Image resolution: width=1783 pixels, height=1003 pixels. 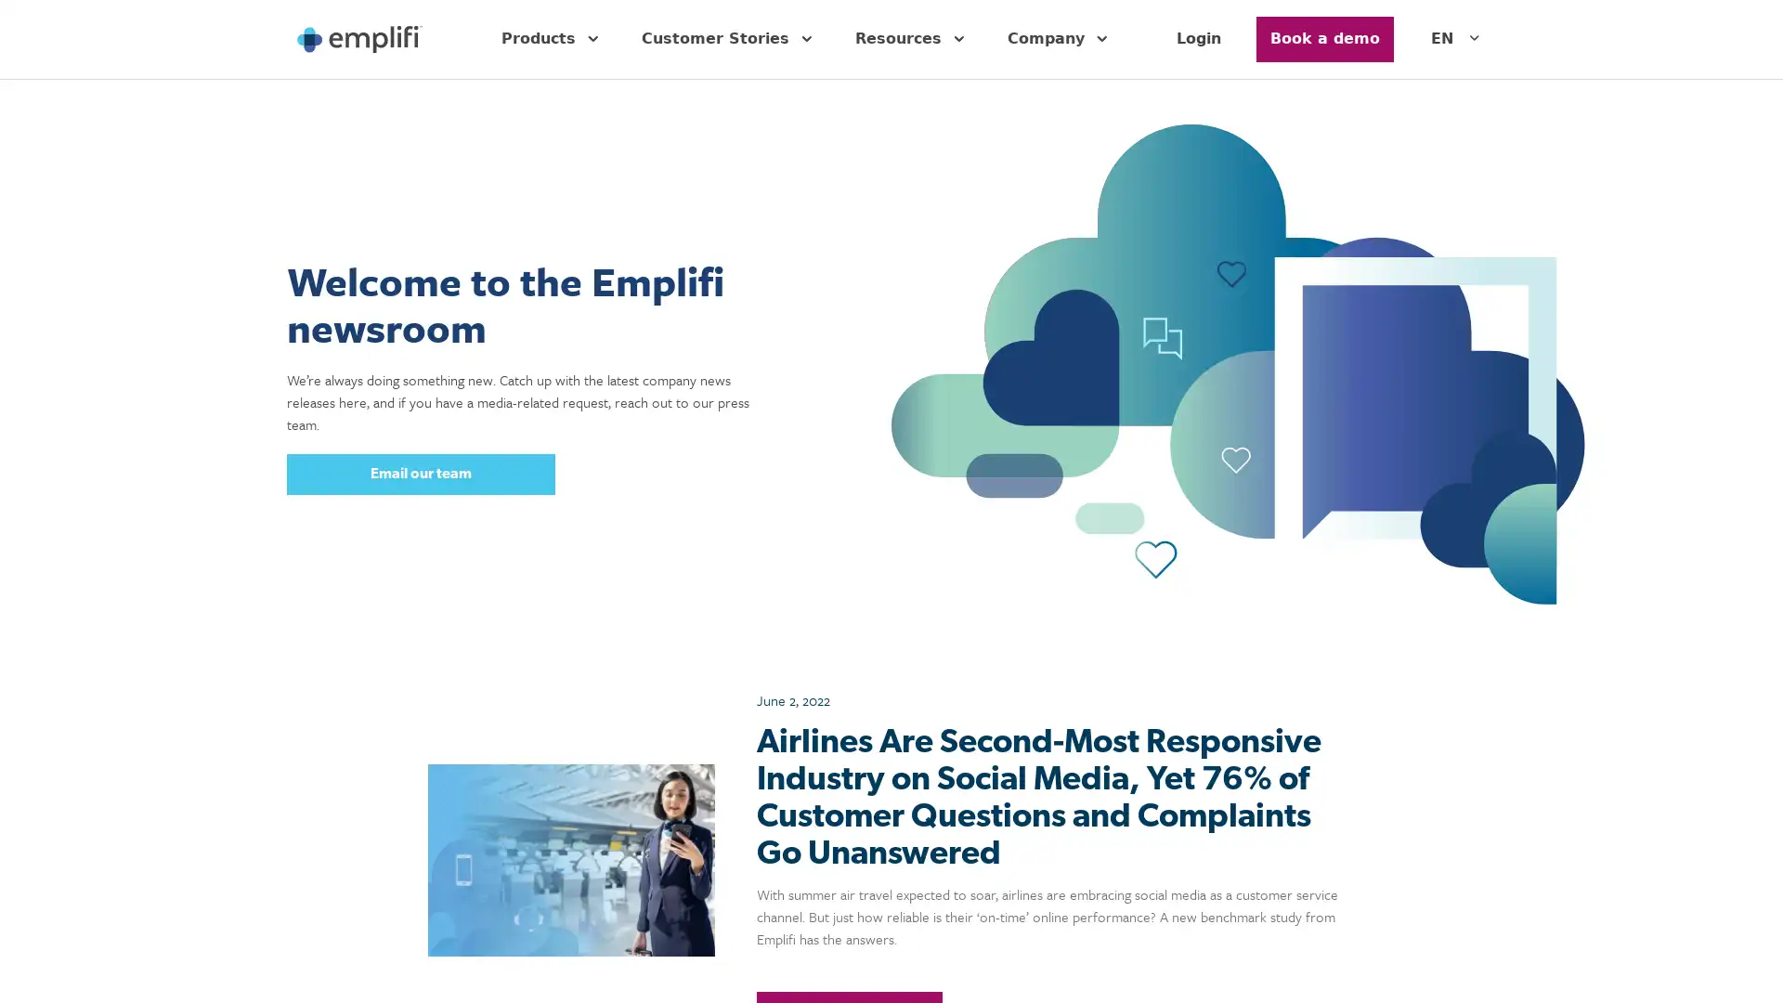 What do you see at coordinates (419, 472) in the screenshot?
I see `Button` at bounding box center [419, 472].